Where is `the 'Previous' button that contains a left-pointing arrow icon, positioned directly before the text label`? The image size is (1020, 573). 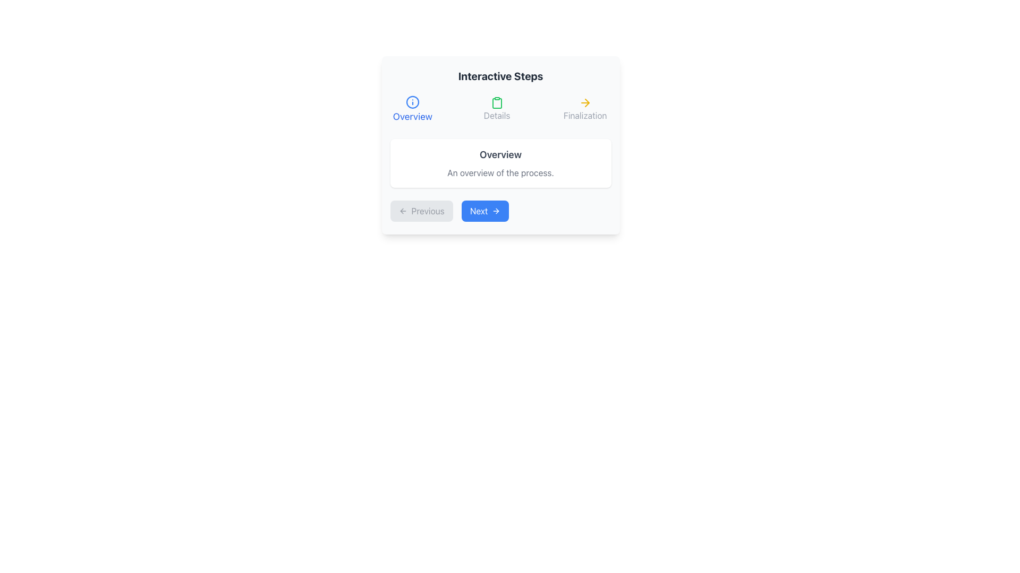
the 'Previous' button that contains a left-pointing arrow icon, positioned directly before the text label is located at coordinates (402, 211).